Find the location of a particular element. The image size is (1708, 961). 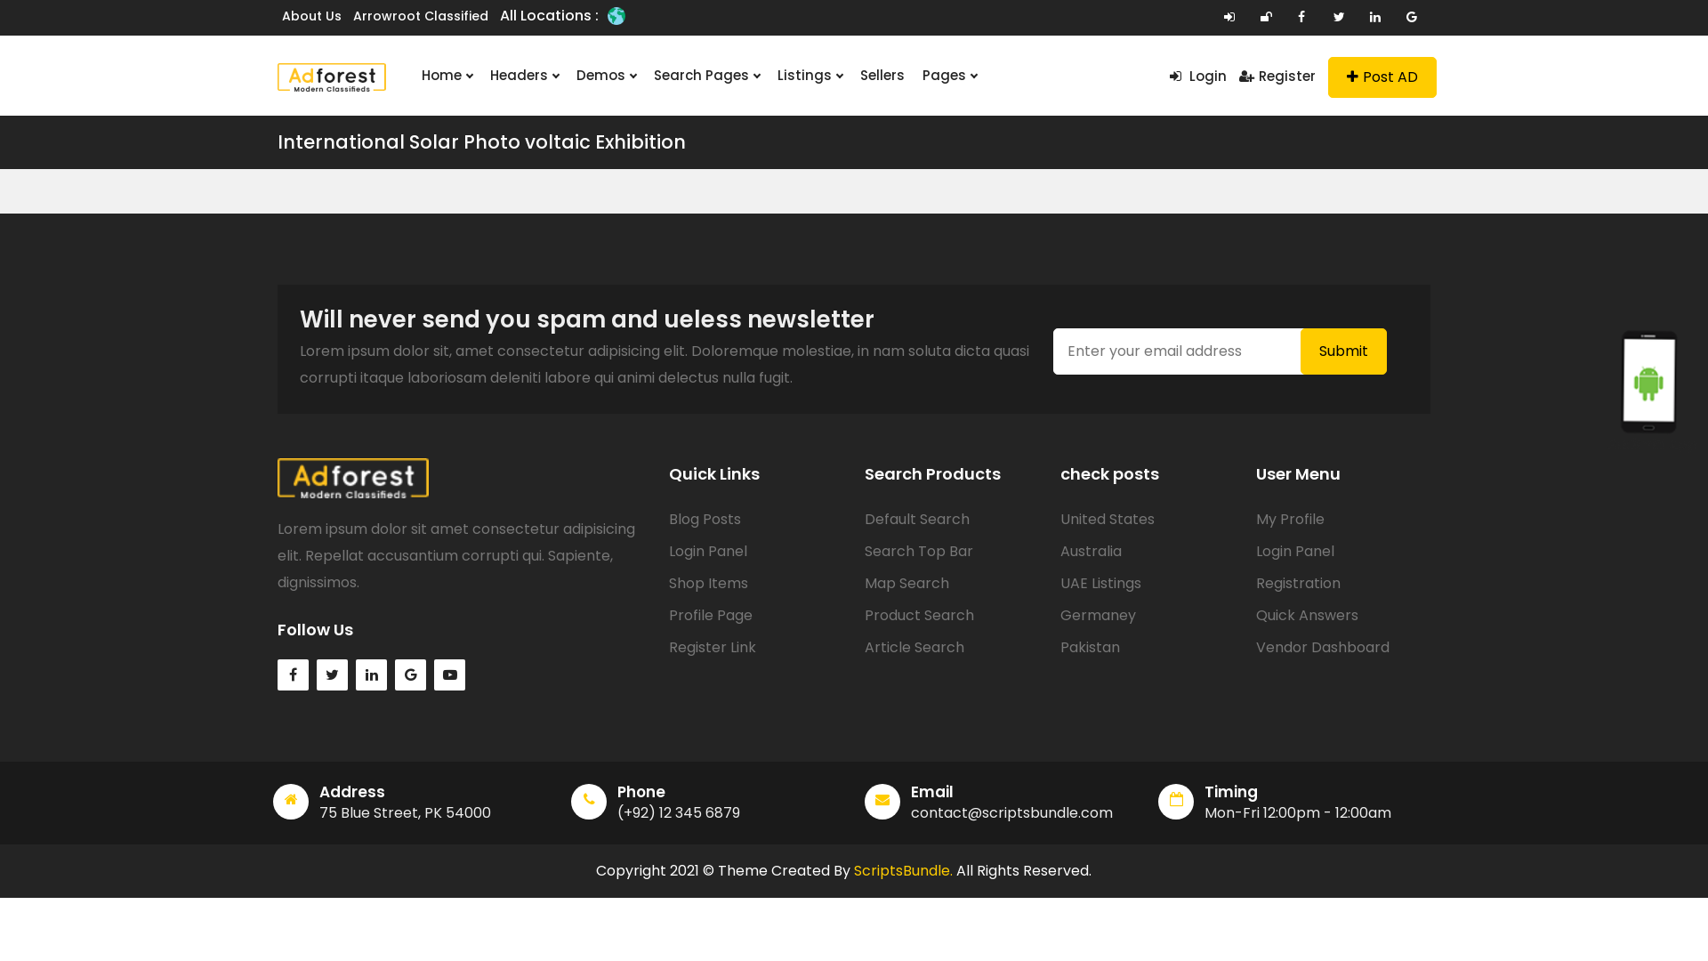

'Pages' is located at coordinates (914, 74).